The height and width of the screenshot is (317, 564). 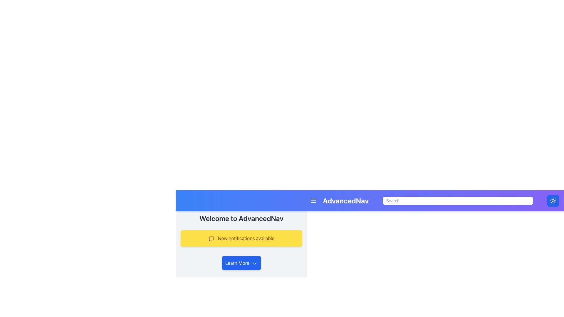 I want to click on the menu toggle button located in the navigation bar at the top left of the 'AdvancedNav' text to interact with the navigation drawer, so click(x=313, y=200).